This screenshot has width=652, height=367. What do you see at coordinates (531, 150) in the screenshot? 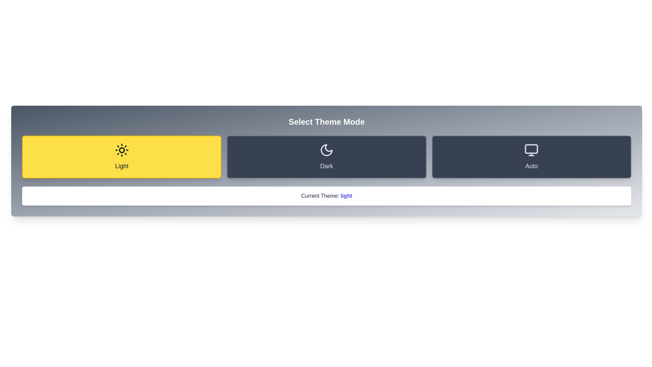
I see `the icon resembling a computer monitor, which is part of the 'Auto' option in the theme mode selection group` at bounding box center [531, 150].